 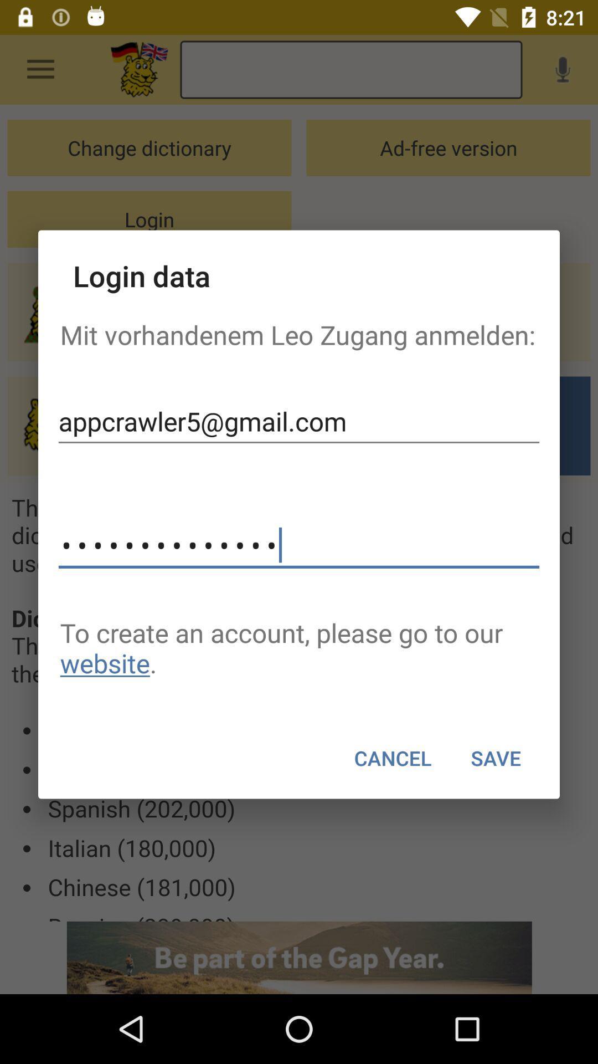 What do you see at coordinates (299, 545) in the screenshot?
I see `the appcrawler3116 icon` at bounding box center [299, 545].